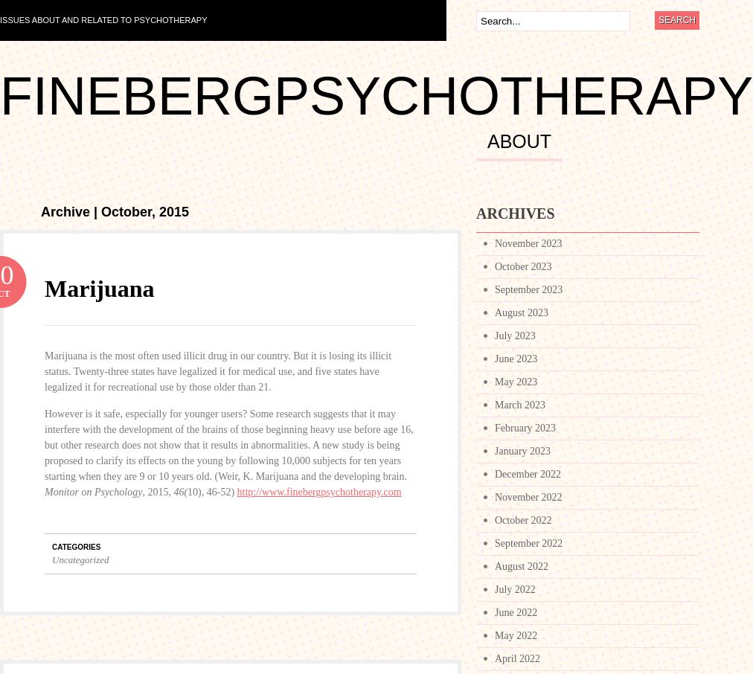 This screenshot has height=674, width=753. What do you see at coordinates (516, 635) in the screenshot?
I see `'May 2022'` at bounding box center [516, 635].